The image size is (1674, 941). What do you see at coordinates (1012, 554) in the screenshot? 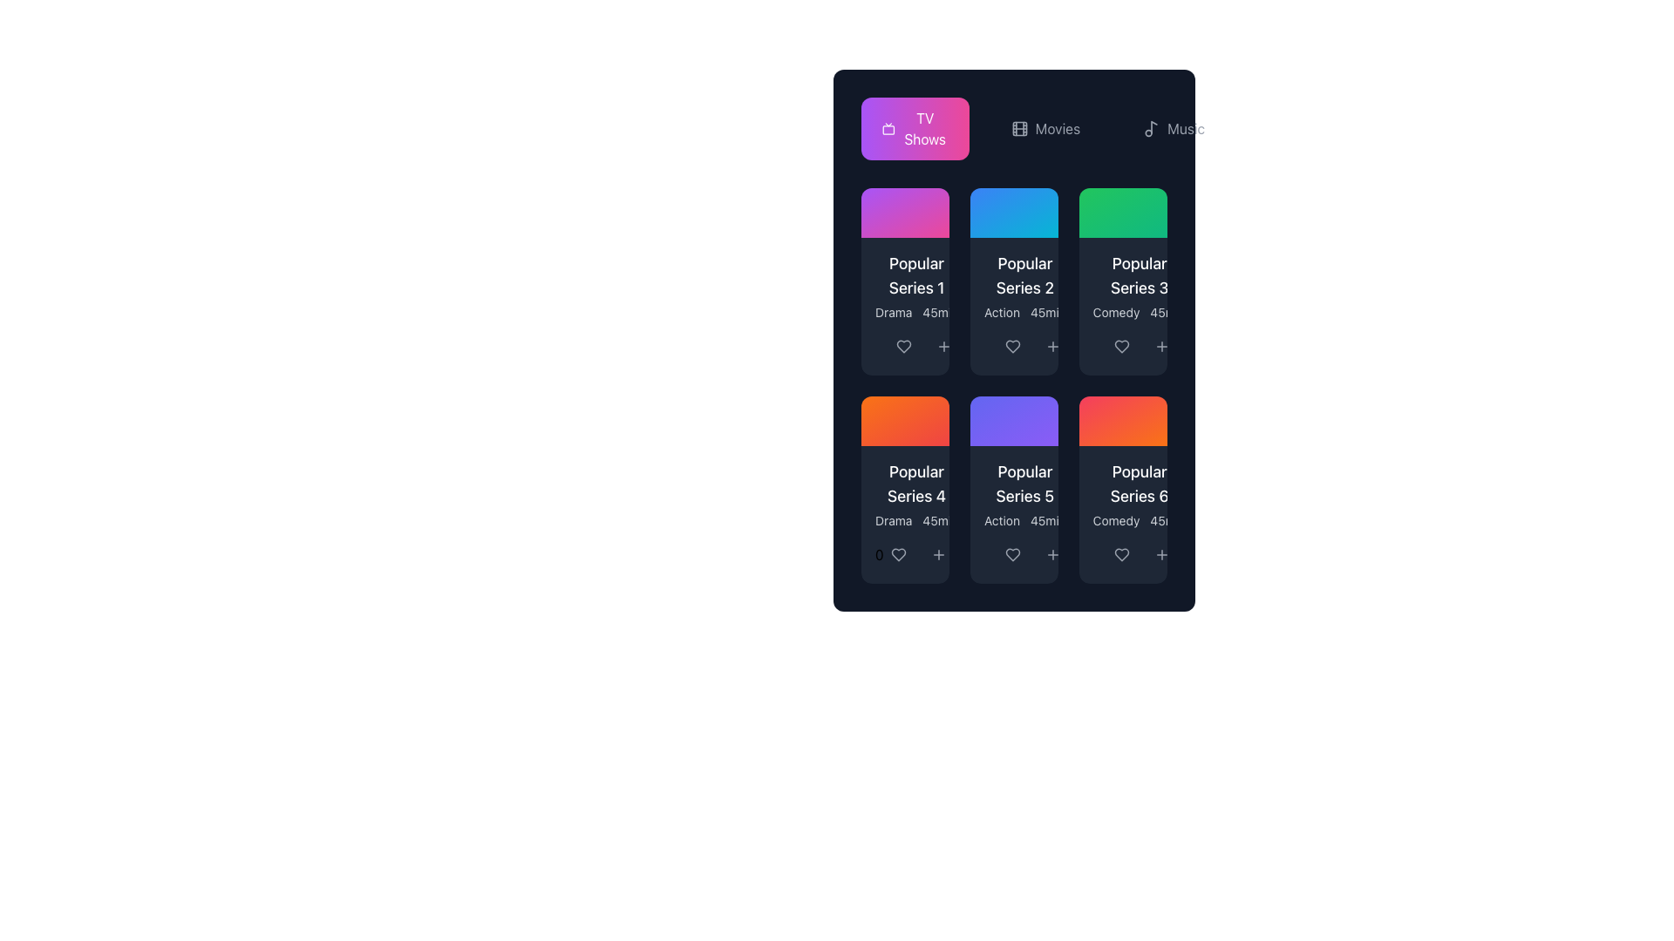
I see `the heart icon outline button located at the center-bottom of the 'Popular Series 5' card` at bounding box center [1012, 554].